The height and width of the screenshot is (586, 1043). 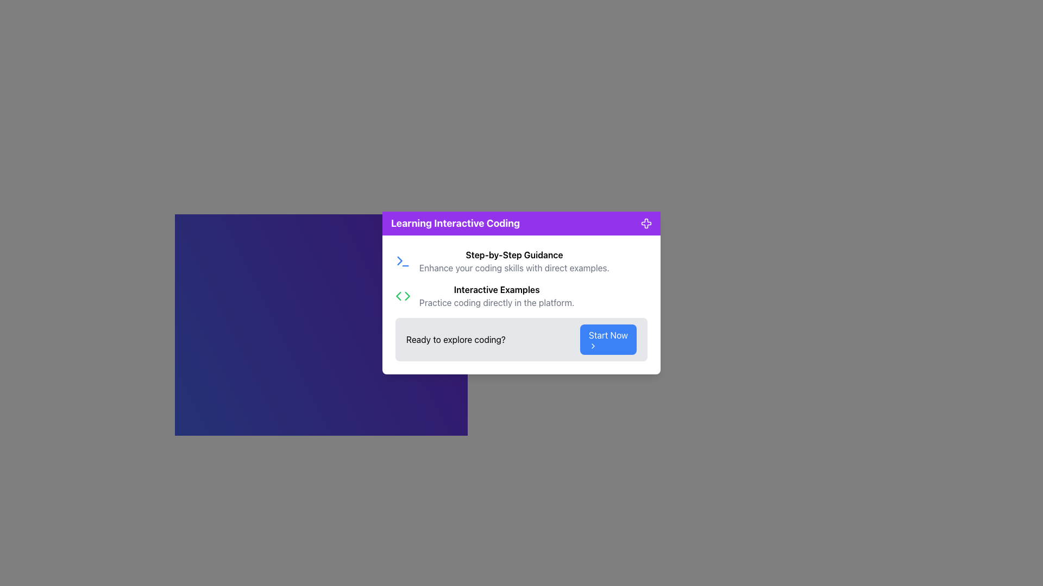 What do you see at coordinates (513, 267) in the screenshot?
I see `the text label stating 'Enhance your coding skills with direct examples,' which is located below the headline 'Step-by-Step Guidance.'` at bounding box center [513, 267].